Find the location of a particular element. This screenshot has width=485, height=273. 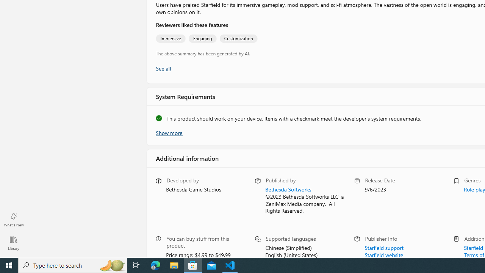

'Bethesda Softworks' is located at coordinates (288, 189).